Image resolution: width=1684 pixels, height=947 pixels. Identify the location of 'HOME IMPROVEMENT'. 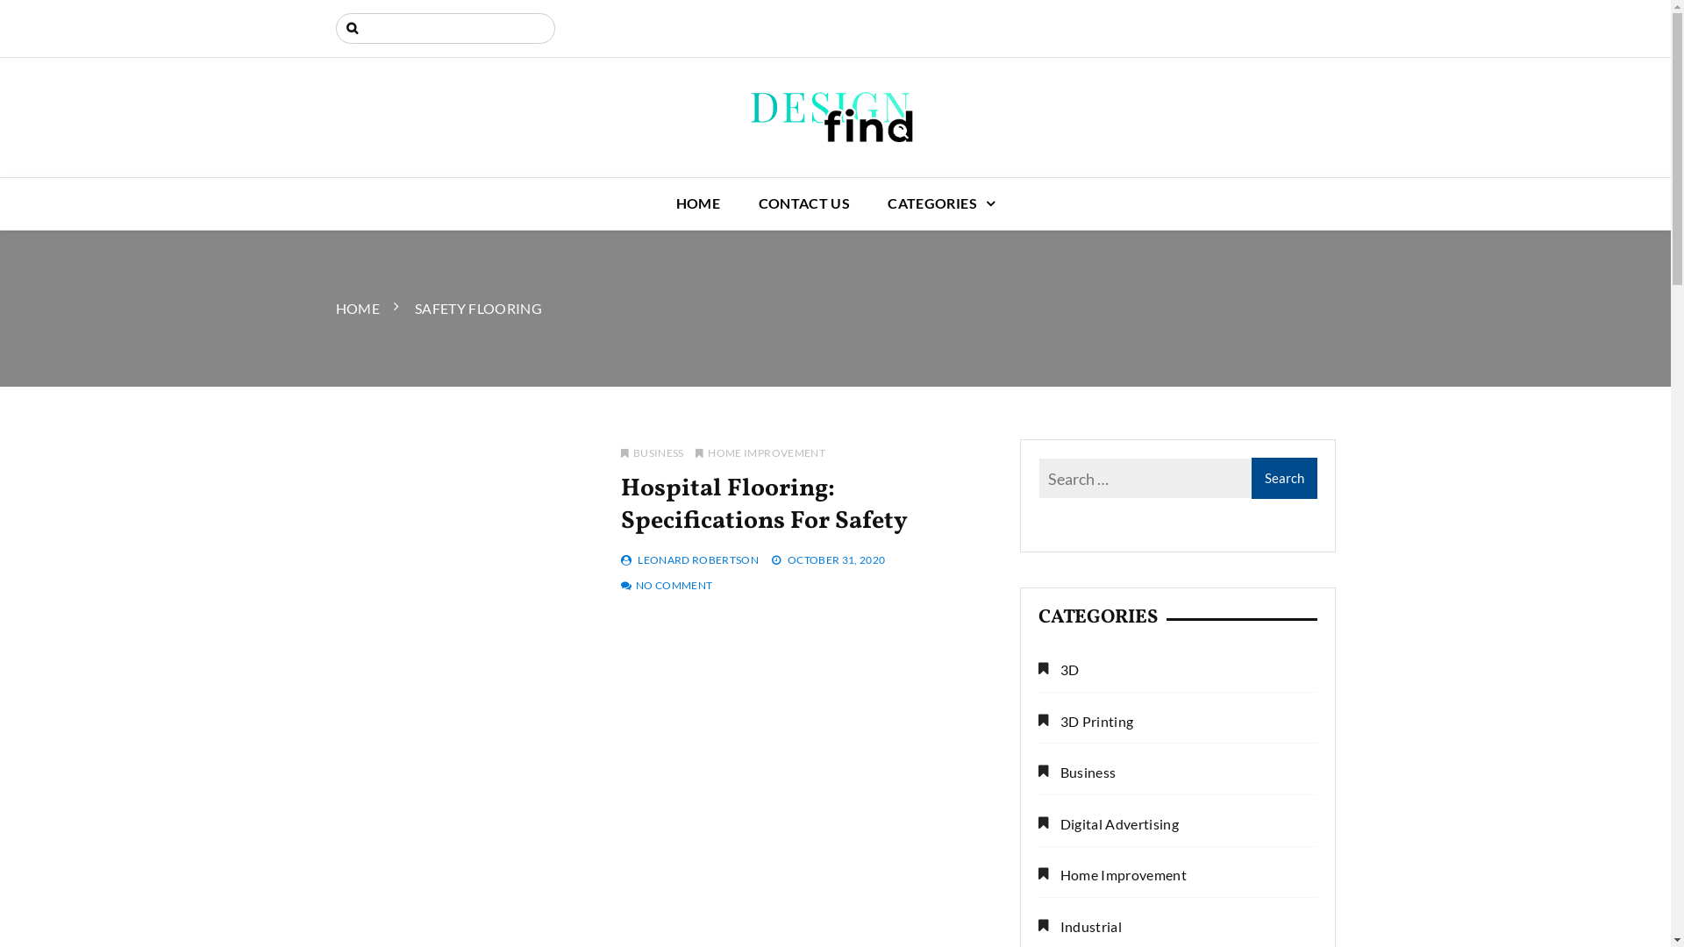
(760, 452).